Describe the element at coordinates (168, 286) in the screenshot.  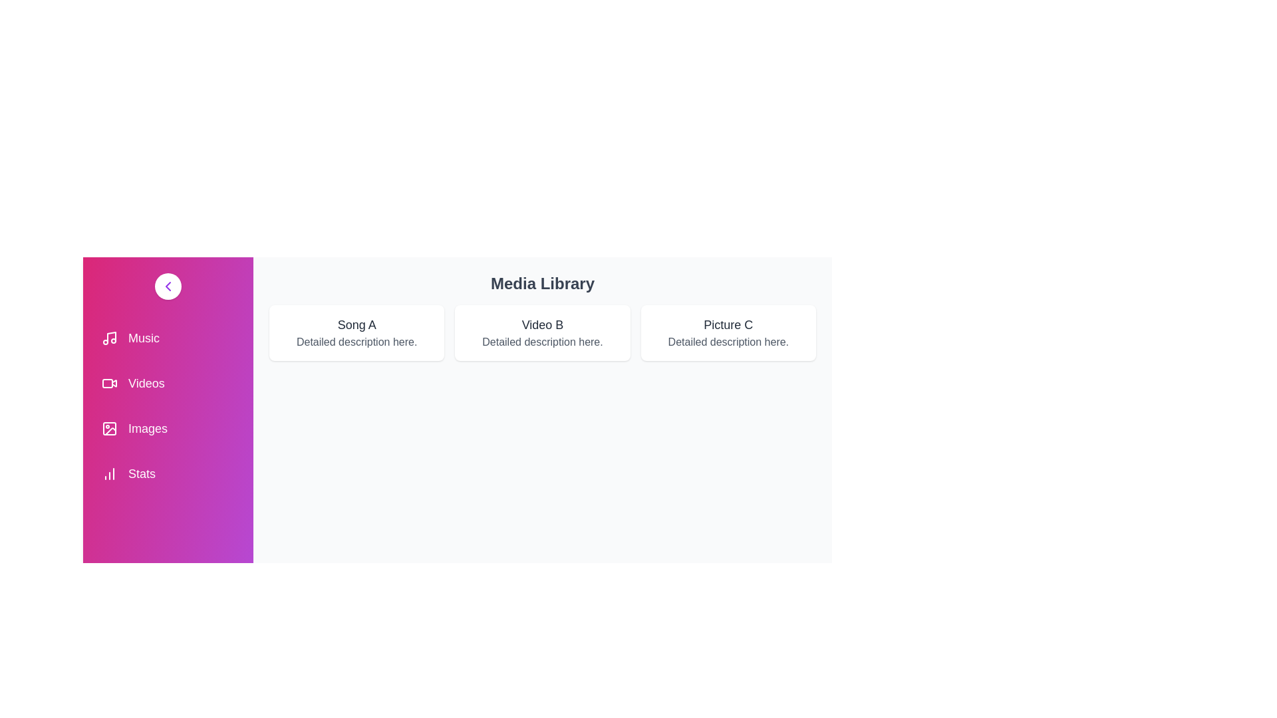
I see `the arrow button to toggle the drawer` at that location.